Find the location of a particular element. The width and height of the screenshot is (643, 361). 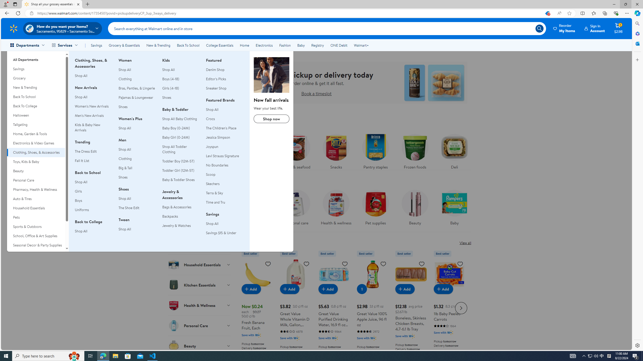

'Back to CollegeShop All' is located at coordinates (93, 229).